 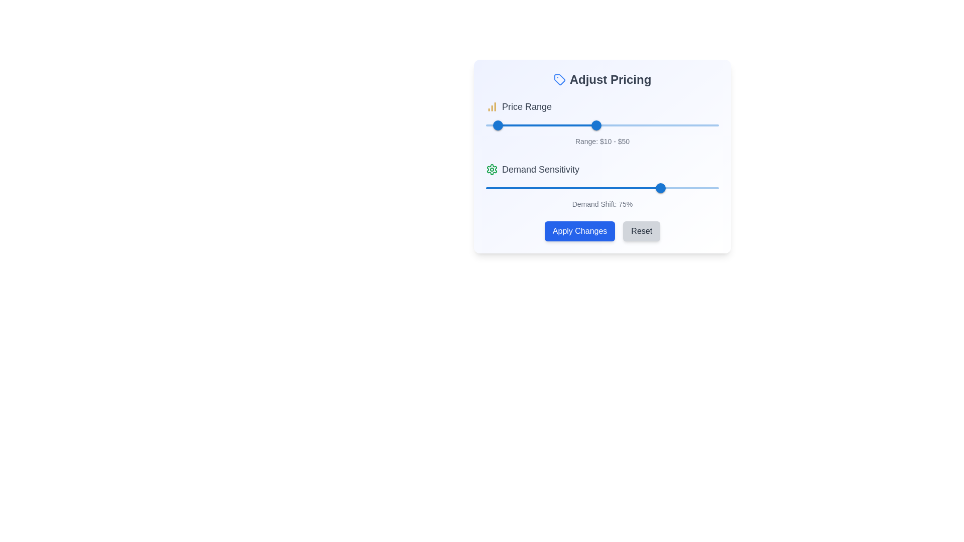 I want to click on the Text Label element displaying 'Demand Shift: 75%' located beneath the slider in the 'Demand Sensitivity' section, so click(x=602, y=204).